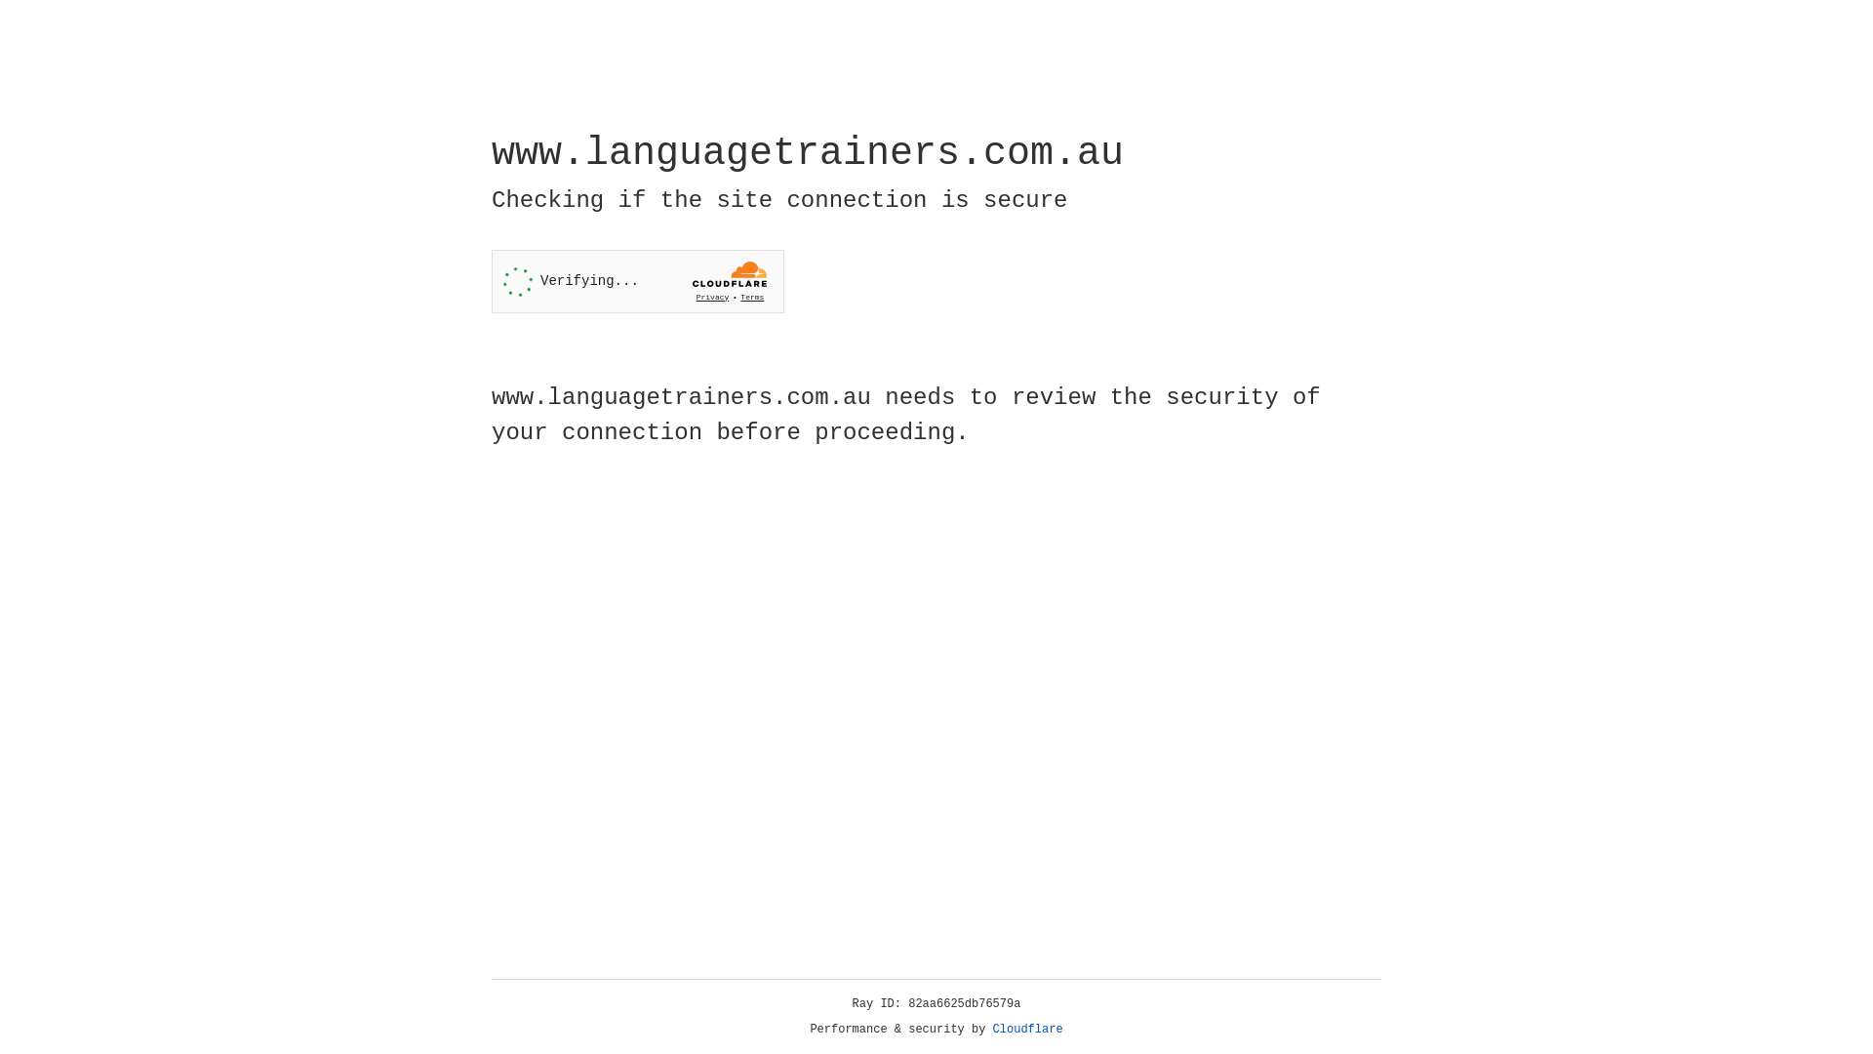 The width and height of the screenshot is (1873, 1054). What do you see at coordinates (637, 281) in the screenshot?
I see `'Widget containing a Cloudflare security challenge'` at bounding box center [637, 281].